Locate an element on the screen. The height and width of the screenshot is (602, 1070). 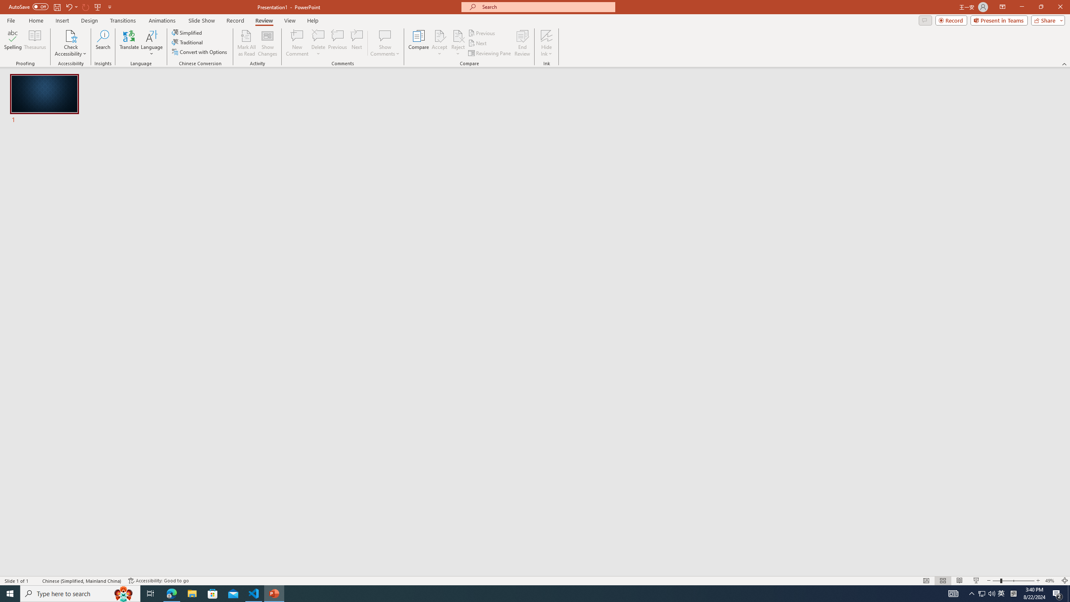
'Search' is located at coordinates (103, 43).